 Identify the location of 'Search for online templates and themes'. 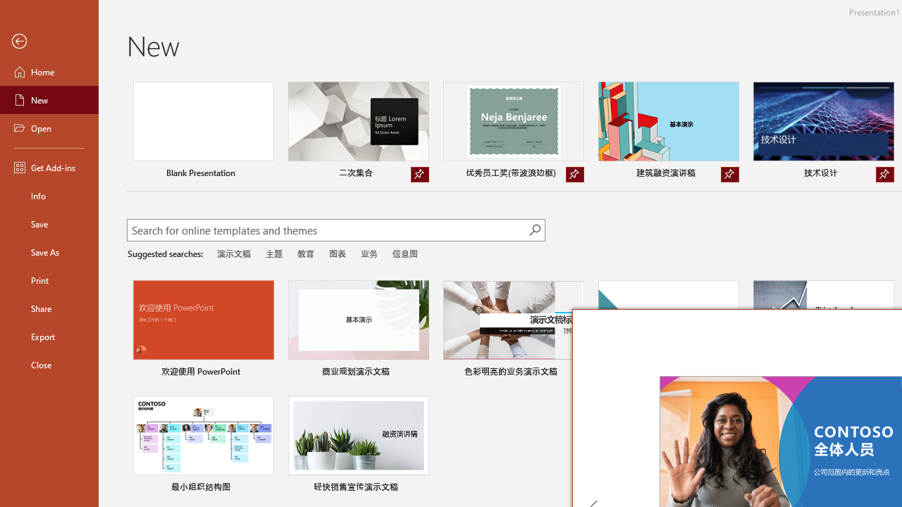
(327, 231).